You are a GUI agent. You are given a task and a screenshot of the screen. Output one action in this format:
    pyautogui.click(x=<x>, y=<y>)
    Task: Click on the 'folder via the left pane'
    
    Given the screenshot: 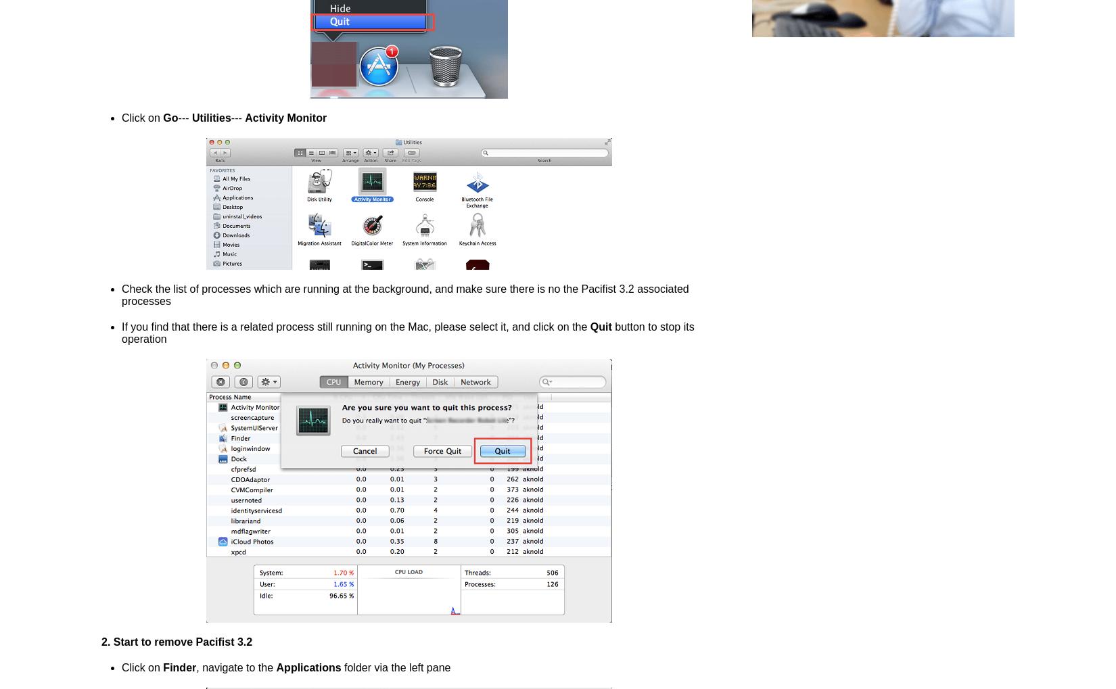 What is the action you would take?
    pyautogui.click(x=394, y=667)
    